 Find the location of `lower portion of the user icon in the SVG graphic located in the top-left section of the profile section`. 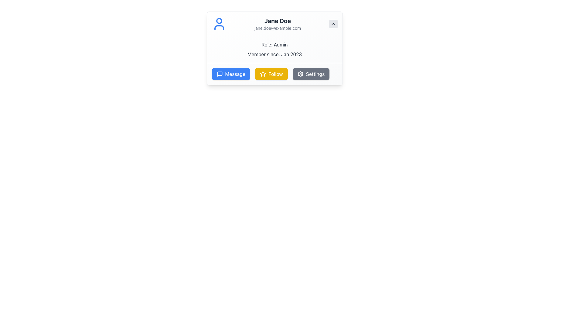

lower portion of the user icon in the SVG graphic located in the top-left section of the profile section is located at coordinates (219, 28).